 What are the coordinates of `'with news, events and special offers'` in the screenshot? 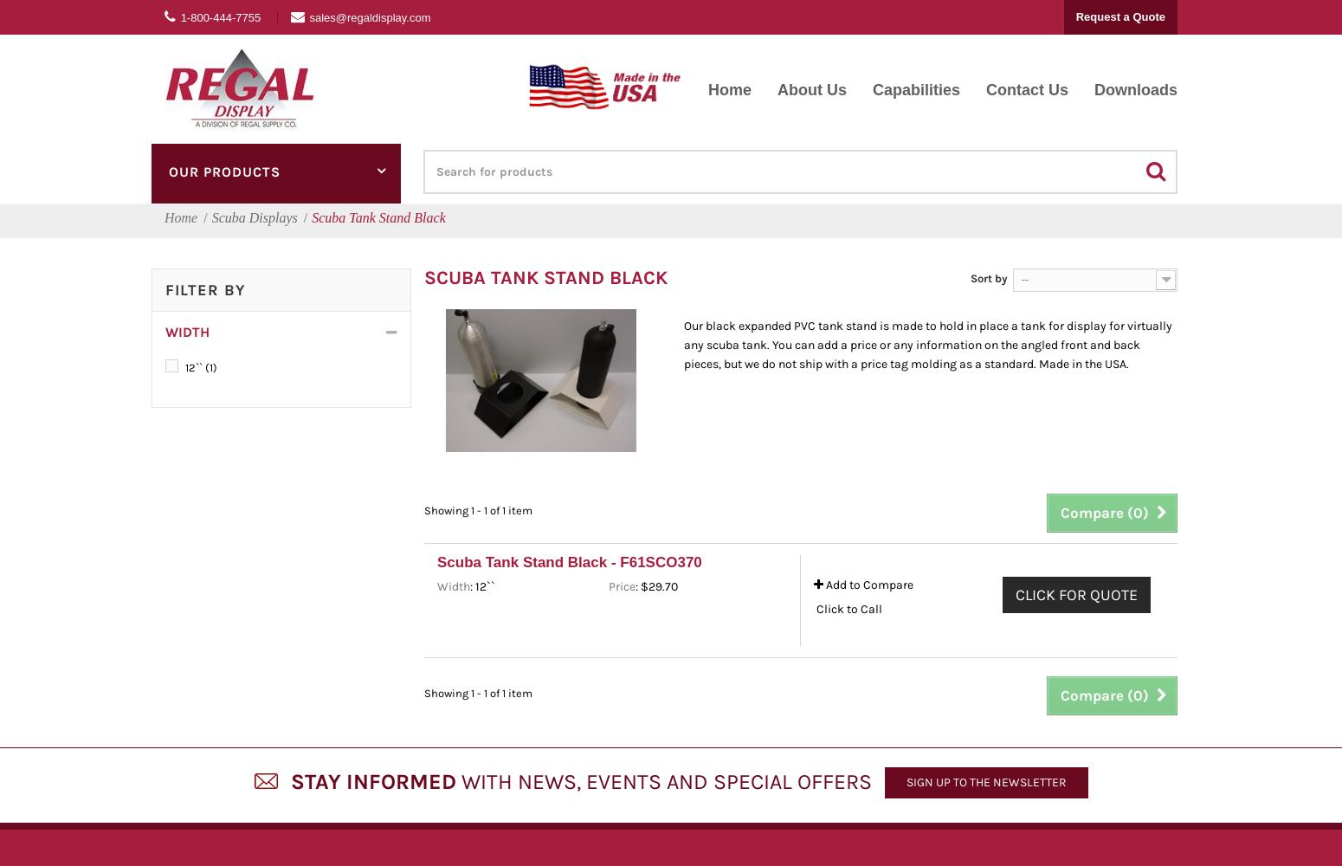 It's located at (663, 781).